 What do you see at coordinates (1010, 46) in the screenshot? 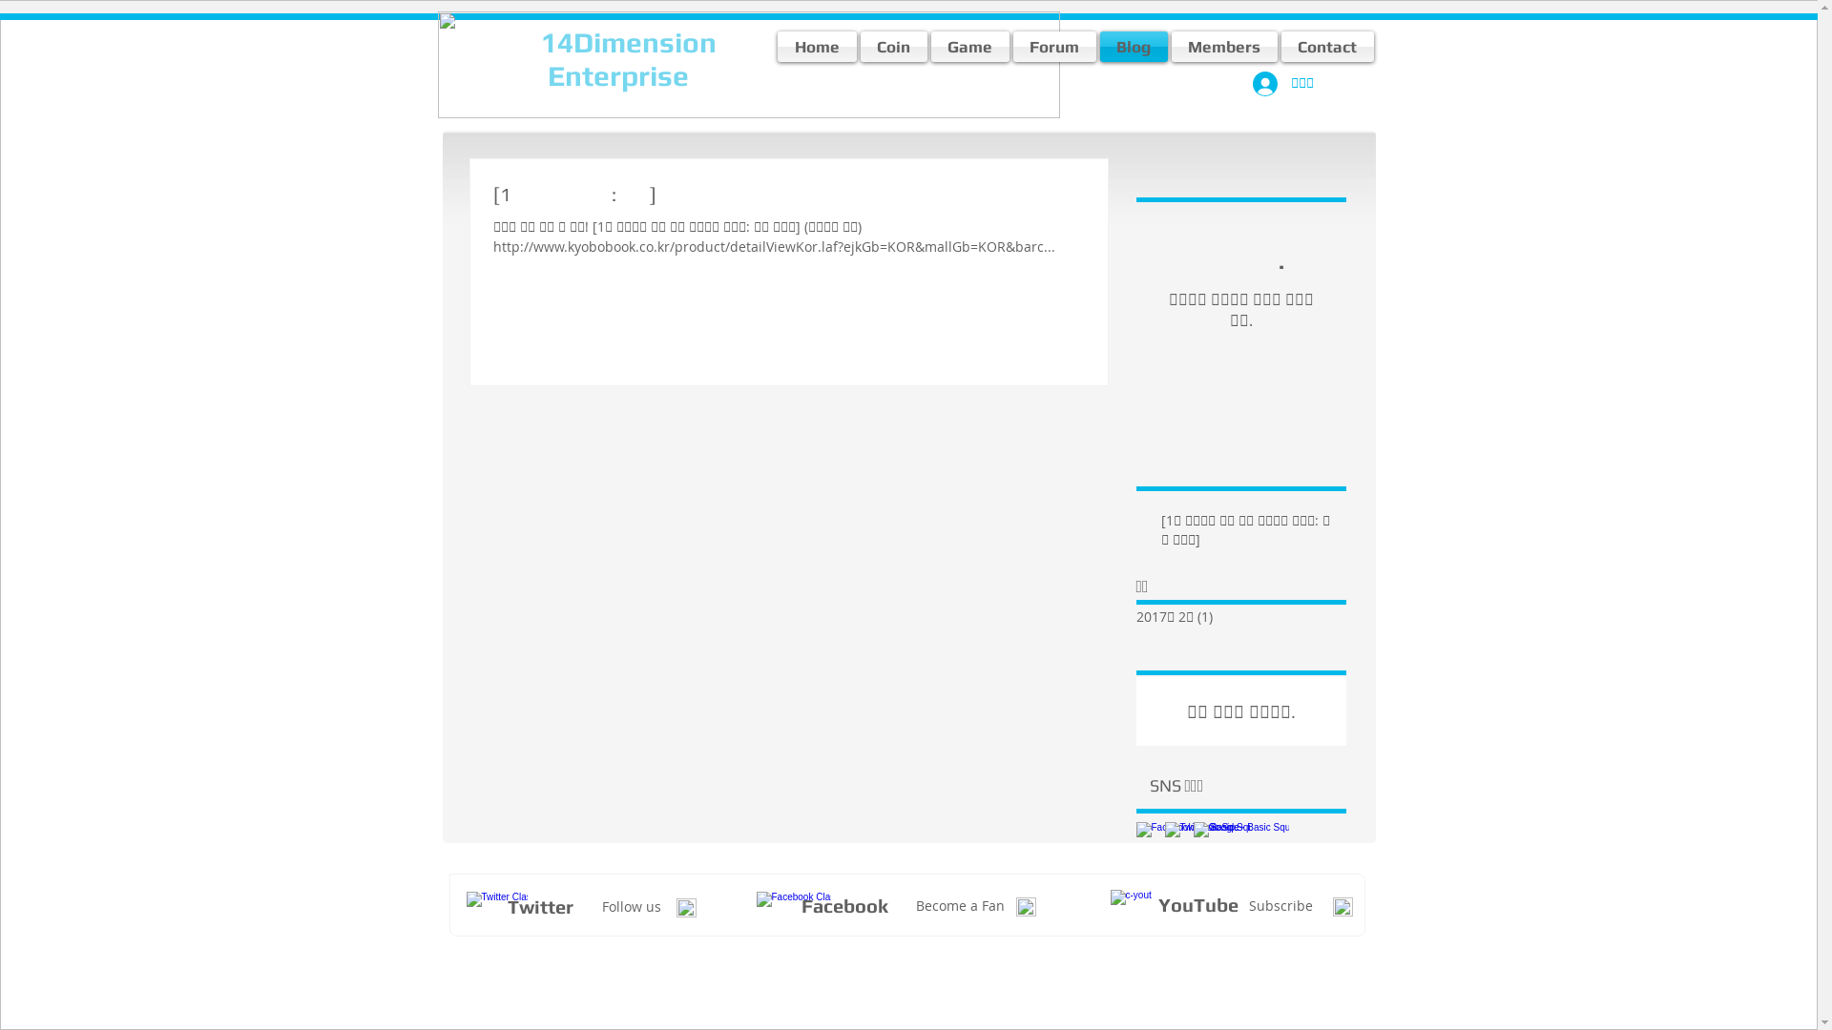
I see `'Forum'` at bounding box center [1010, 46].